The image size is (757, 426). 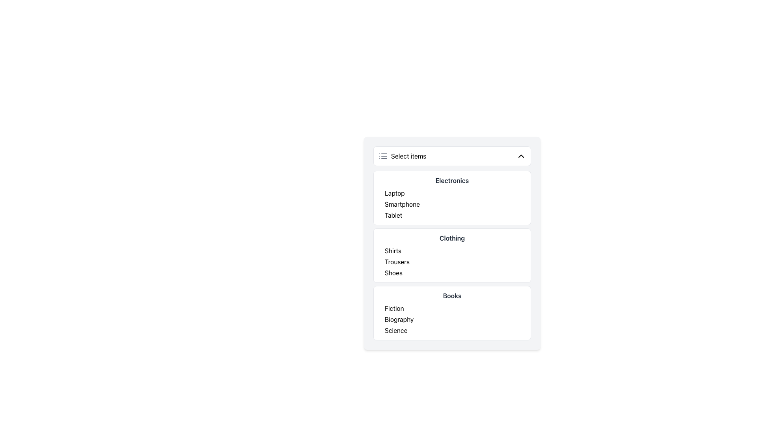 I want to click on the 'Tablet' text label under the 'Electronics' category for navigation purposes, so click(x=393, y=215).